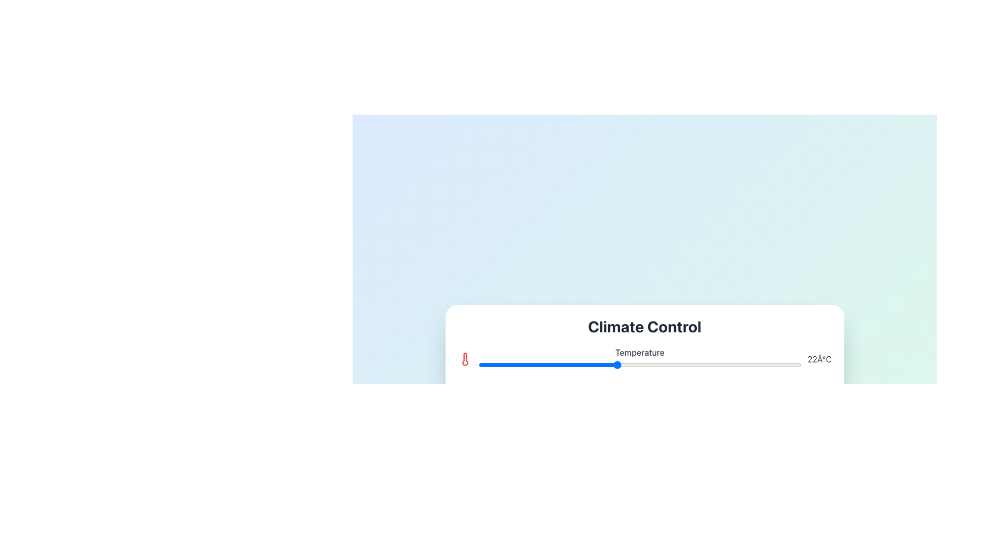  I want to click on the filled portion of the thermometer icon located within the 'Climate Control' card, which represents a temperature measure, so click(464, 359).